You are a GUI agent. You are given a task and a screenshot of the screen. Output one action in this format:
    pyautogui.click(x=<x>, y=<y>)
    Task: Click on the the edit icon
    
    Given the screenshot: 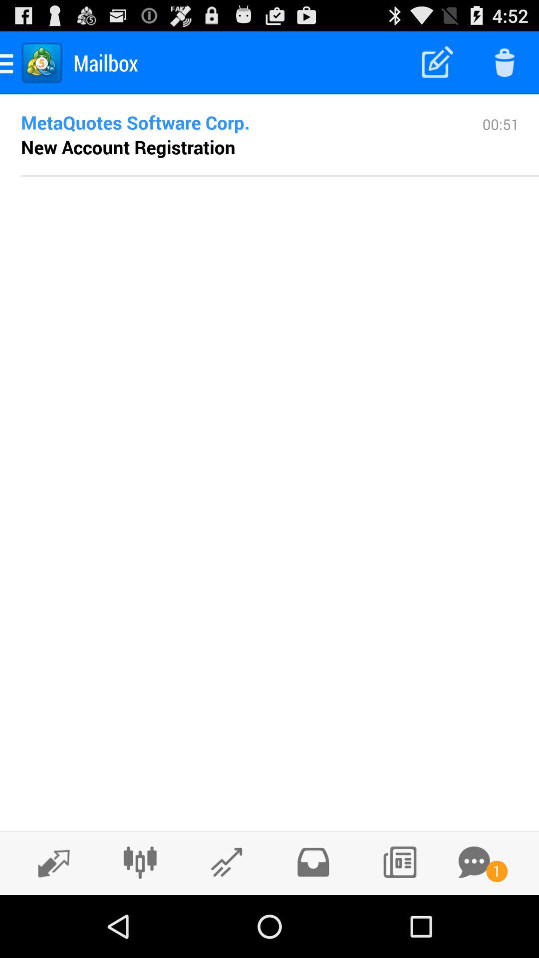 What is the action you would take?
    pyautogui.click(x=227, y=922)
    